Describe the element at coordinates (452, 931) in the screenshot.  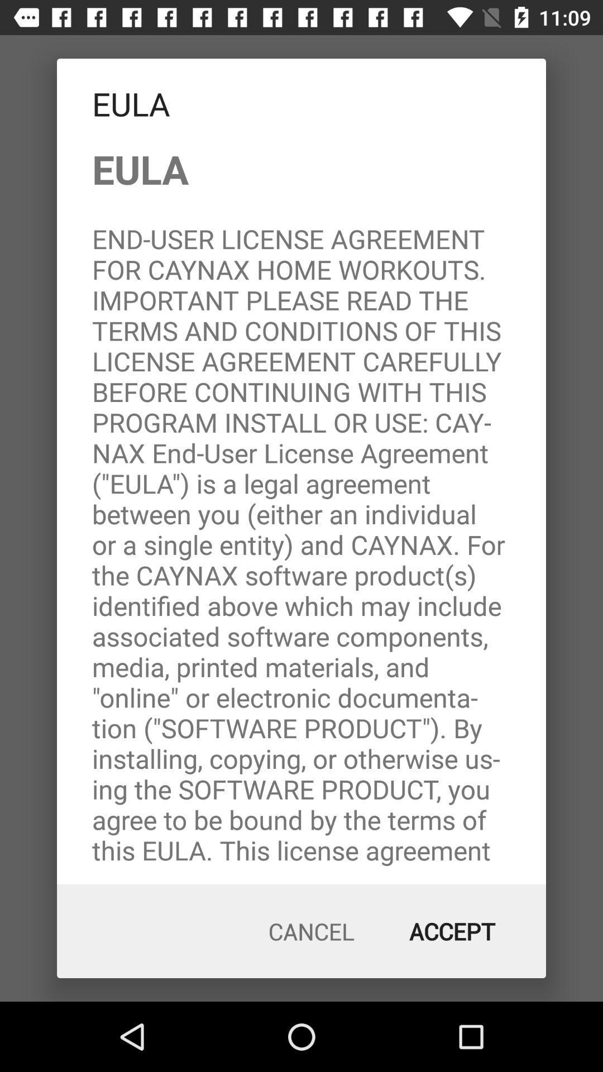
I see `item next to cancel` at that location.